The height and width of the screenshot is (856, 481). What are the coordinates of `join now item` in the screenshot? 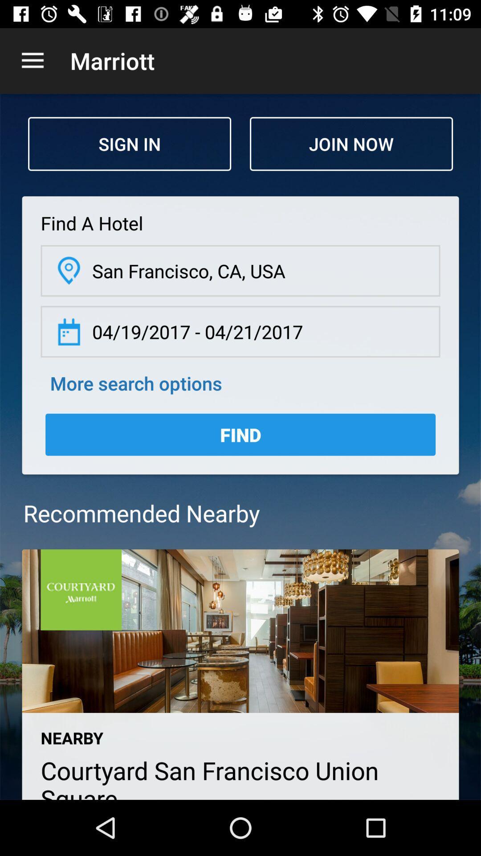 It's located at (351, 144).